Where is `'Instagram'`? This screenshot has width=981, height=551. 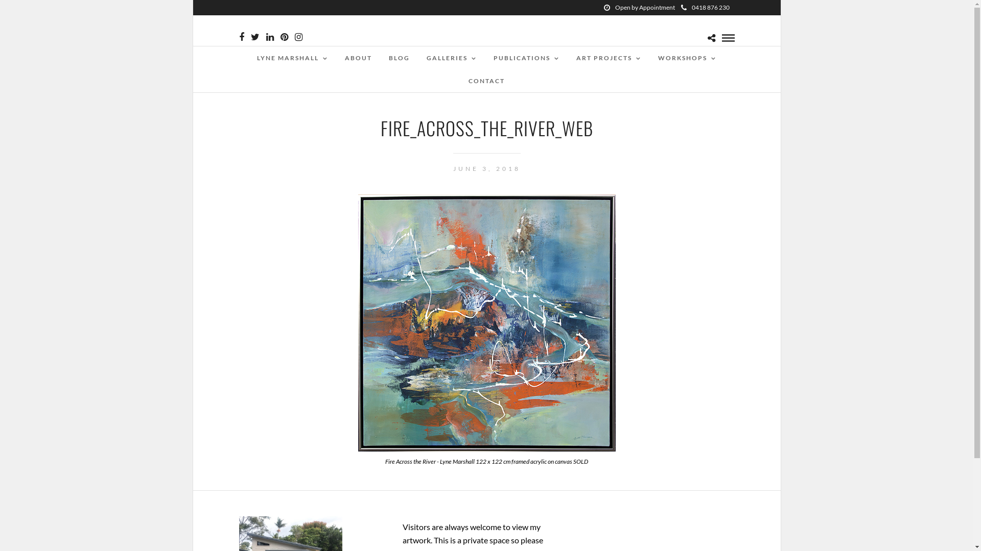 'Instagram' is located at coordinates (297, 37).